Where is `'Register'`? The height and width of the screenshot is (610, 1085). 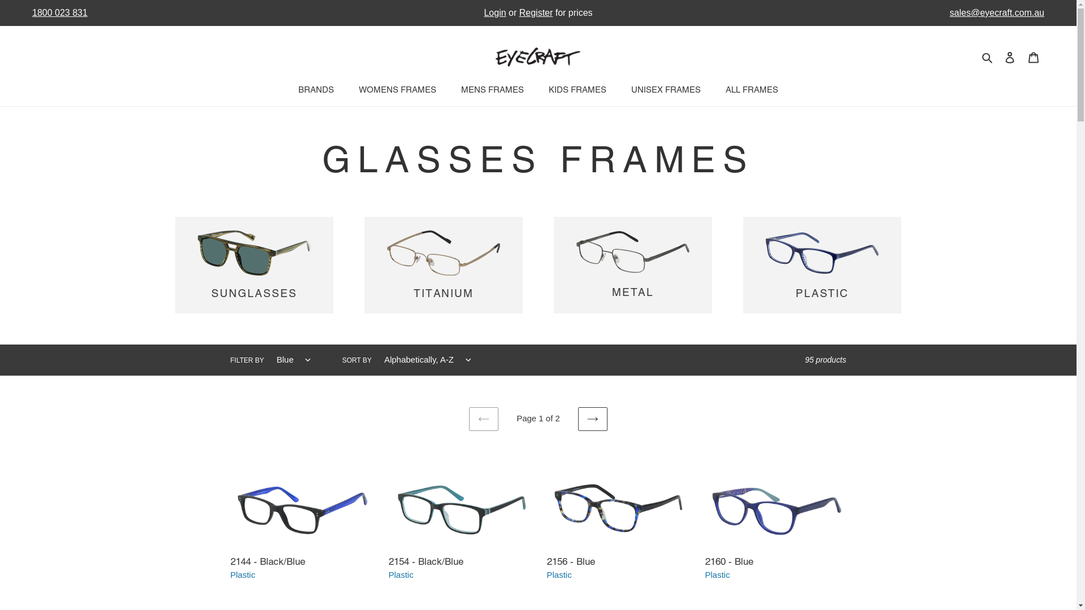
'Register' is located at coordinates (536, 12).